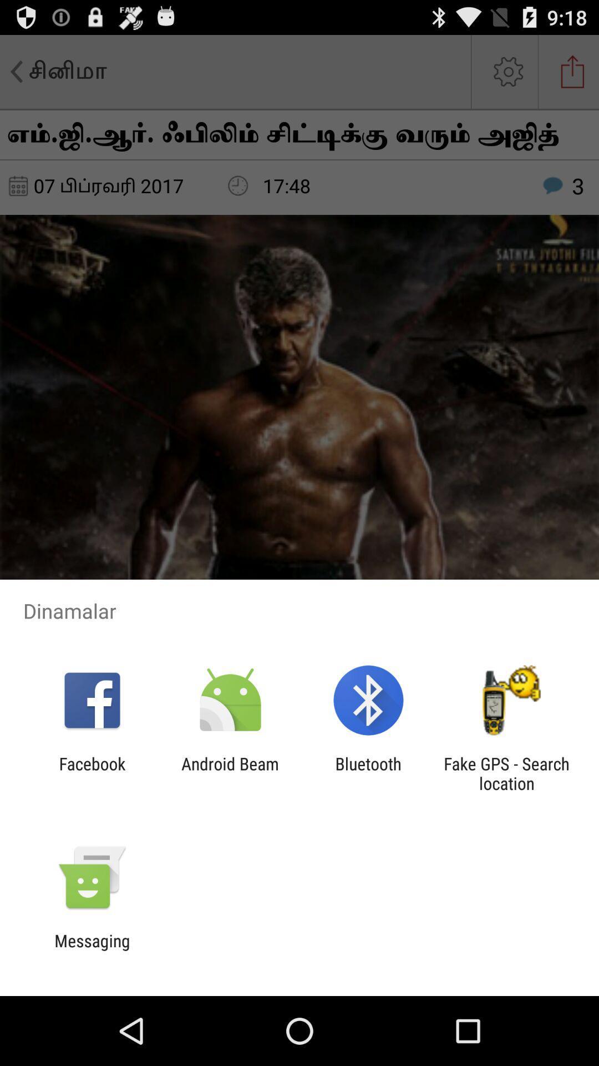 This screenshot has width=599, height=1066. What do you see at coordinates (230, 773) in the screenshot?
I see `the app next to facebook icon` at bounding box center [230, 773].